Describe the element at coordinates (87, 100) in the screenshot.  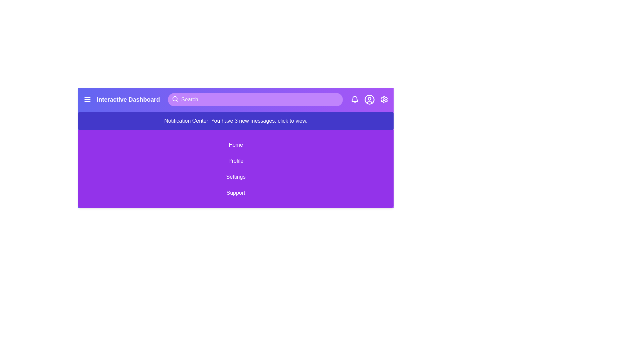
I see `the menu toggle button to toggle the menu visibility` at that location.